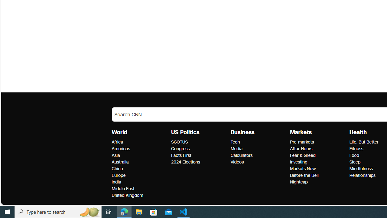 The height and width of the screenshot is (218, 387). I want to click on 'Markets Fear & Greed', so click(303, 155).